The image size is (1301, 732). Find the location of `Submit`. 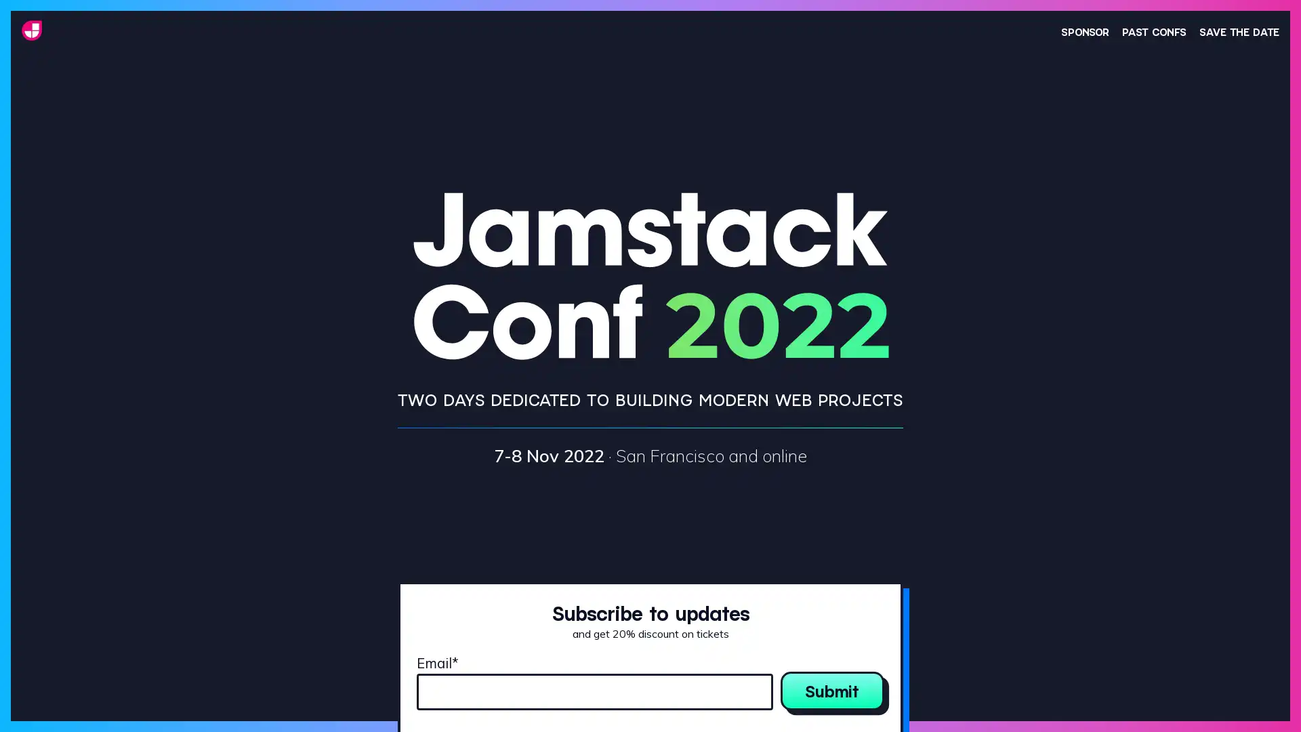

Submit is located at coordinates (831, 690).